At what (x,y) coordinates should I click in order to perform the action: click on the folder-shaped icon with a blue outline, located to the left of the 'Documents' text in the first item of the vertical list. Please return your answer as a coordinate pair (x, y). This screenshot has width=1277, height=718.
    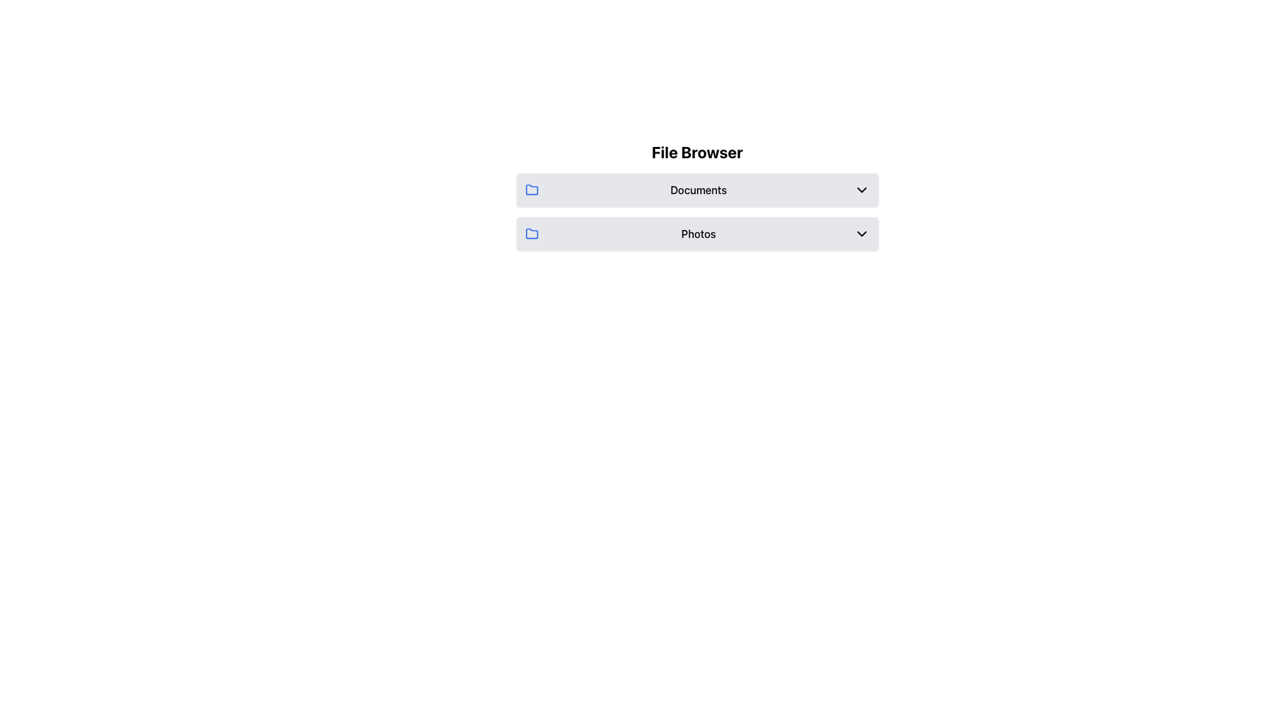
    Looking at the image, I should click on (531, 189).